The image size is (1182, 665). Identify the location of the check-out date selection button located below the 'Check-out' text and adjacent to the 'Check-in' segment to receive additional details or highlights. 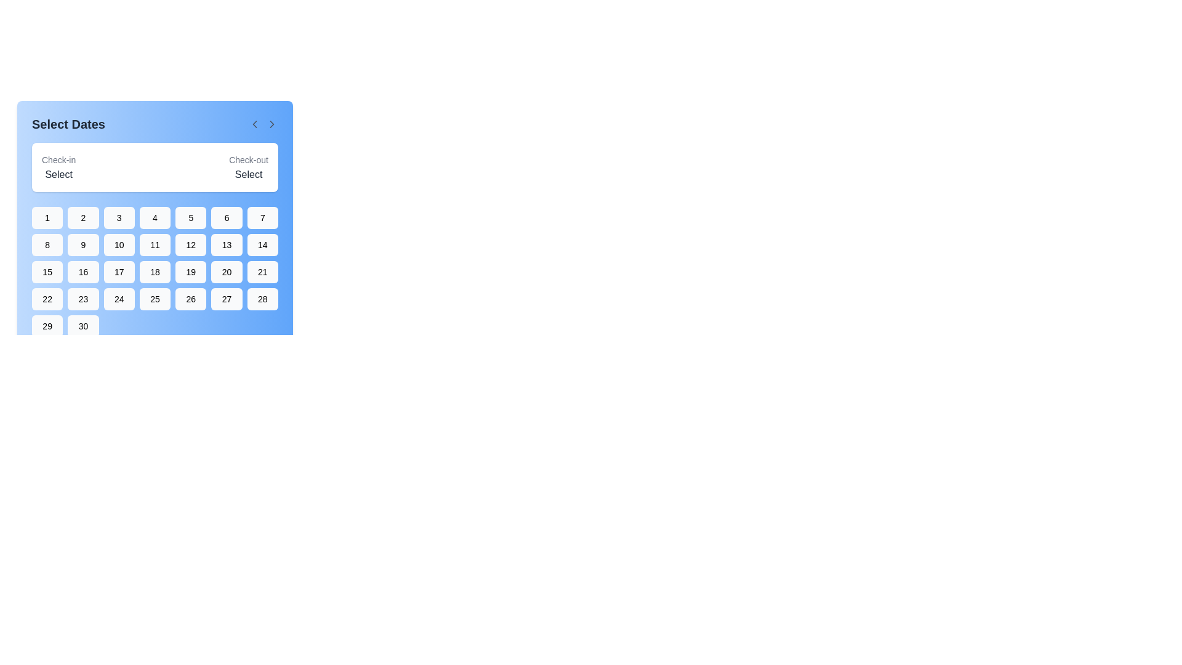
(248, 167).